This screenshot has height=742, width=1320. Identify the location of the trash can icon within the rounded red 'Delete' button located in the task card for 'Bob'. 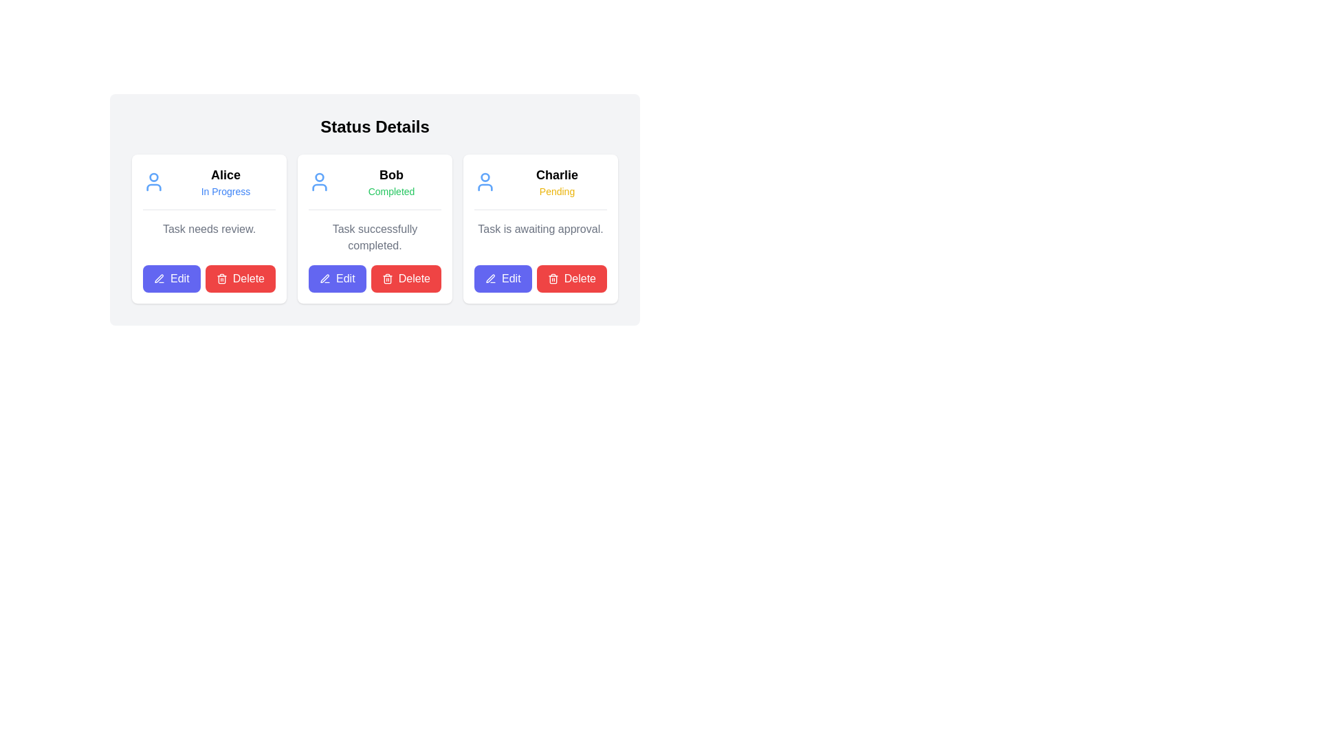
(386, 278).